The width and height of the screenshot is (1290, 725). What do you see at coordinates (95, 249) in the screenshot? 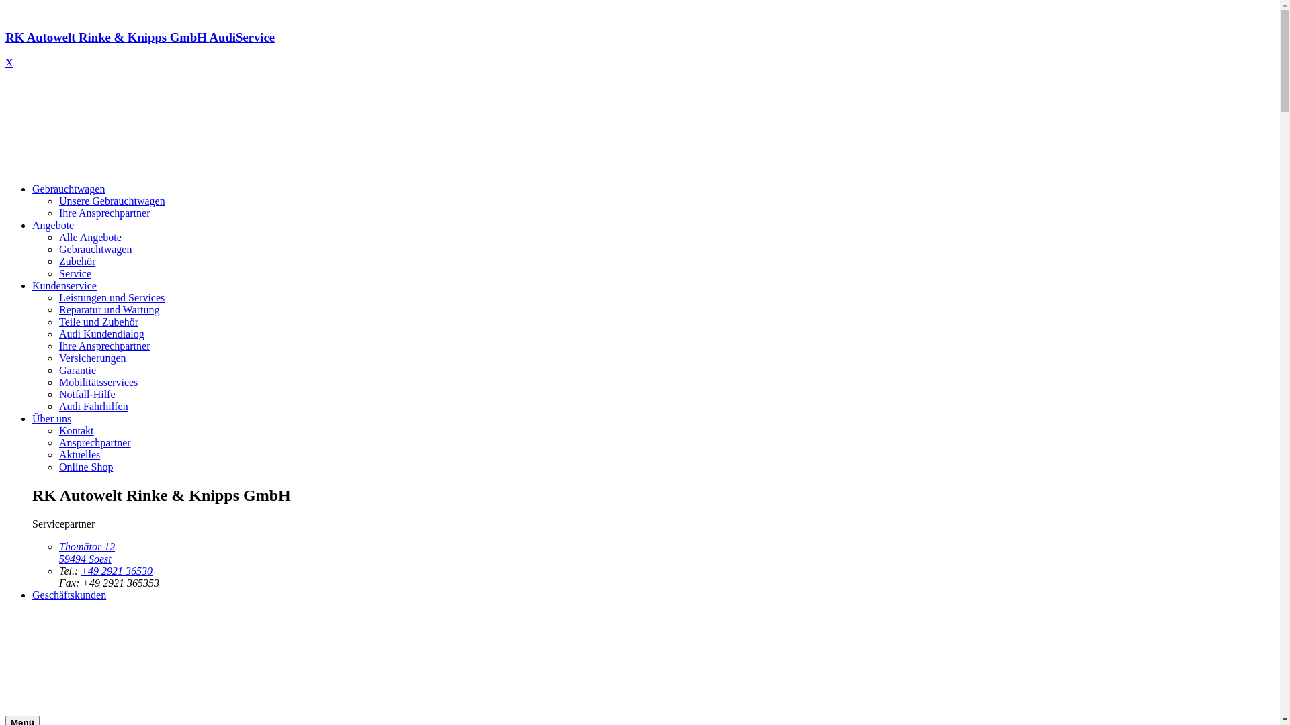
I see `'Gebrauchtwagen'` at bounding box center [95, 249].